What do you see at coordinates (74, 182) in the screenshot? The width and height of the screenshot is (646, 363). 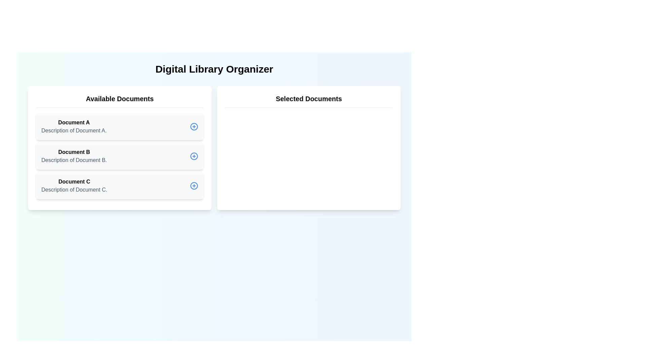 I see `the 'Document C' text label which serves as the title for the corresponding document in the 'Available Documents' section` at bounding box center [74, 182].